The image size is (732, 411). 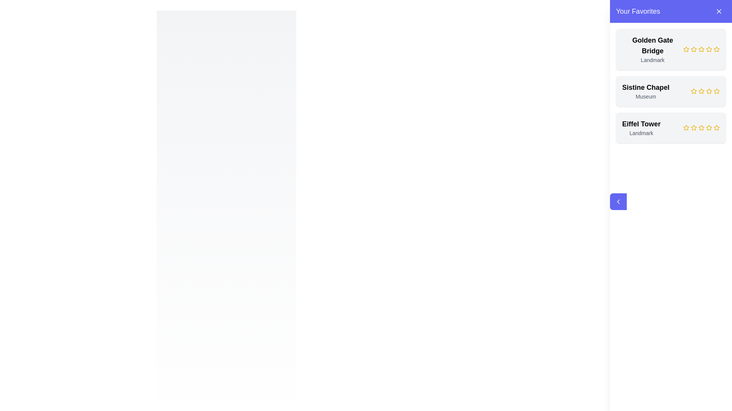 What do you see at coordinates (716, 49) in the screenshot?
I see `the fifth yellow star icon in the rating mechanism for the 'Golden Gate Bridge' in the 'Your Favorites' section` at bounding box center [716, 49].